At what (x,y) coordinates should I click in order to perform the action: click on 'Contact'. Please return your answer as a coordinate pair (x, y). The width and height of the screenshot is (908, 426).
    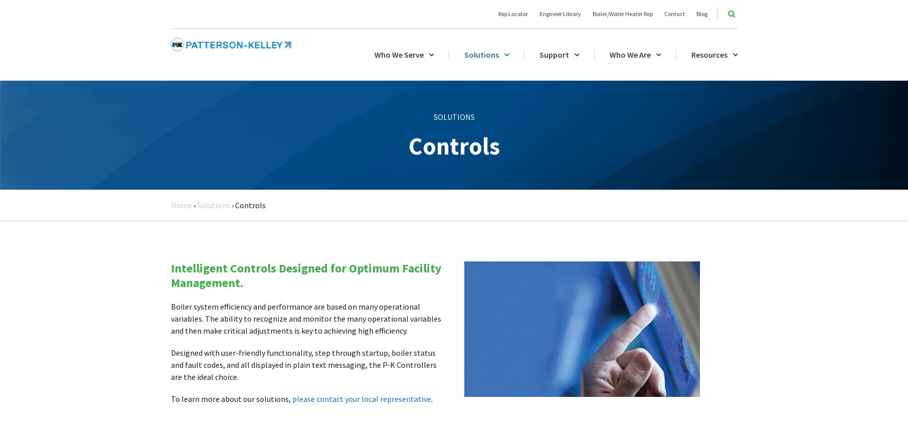
    Looking at the image, I should click on (673, 13).